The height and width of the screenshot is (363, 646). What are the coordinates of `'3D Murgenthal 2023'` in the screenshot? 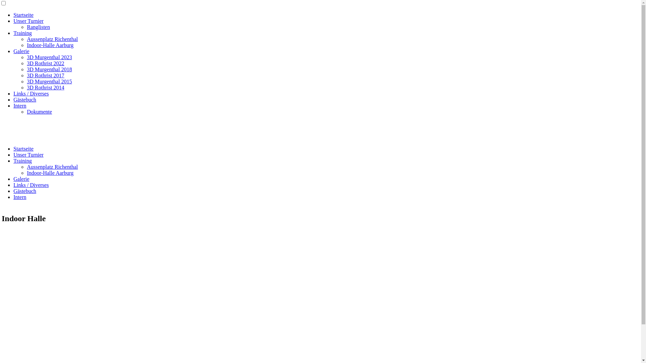 It's located at (49, 57).